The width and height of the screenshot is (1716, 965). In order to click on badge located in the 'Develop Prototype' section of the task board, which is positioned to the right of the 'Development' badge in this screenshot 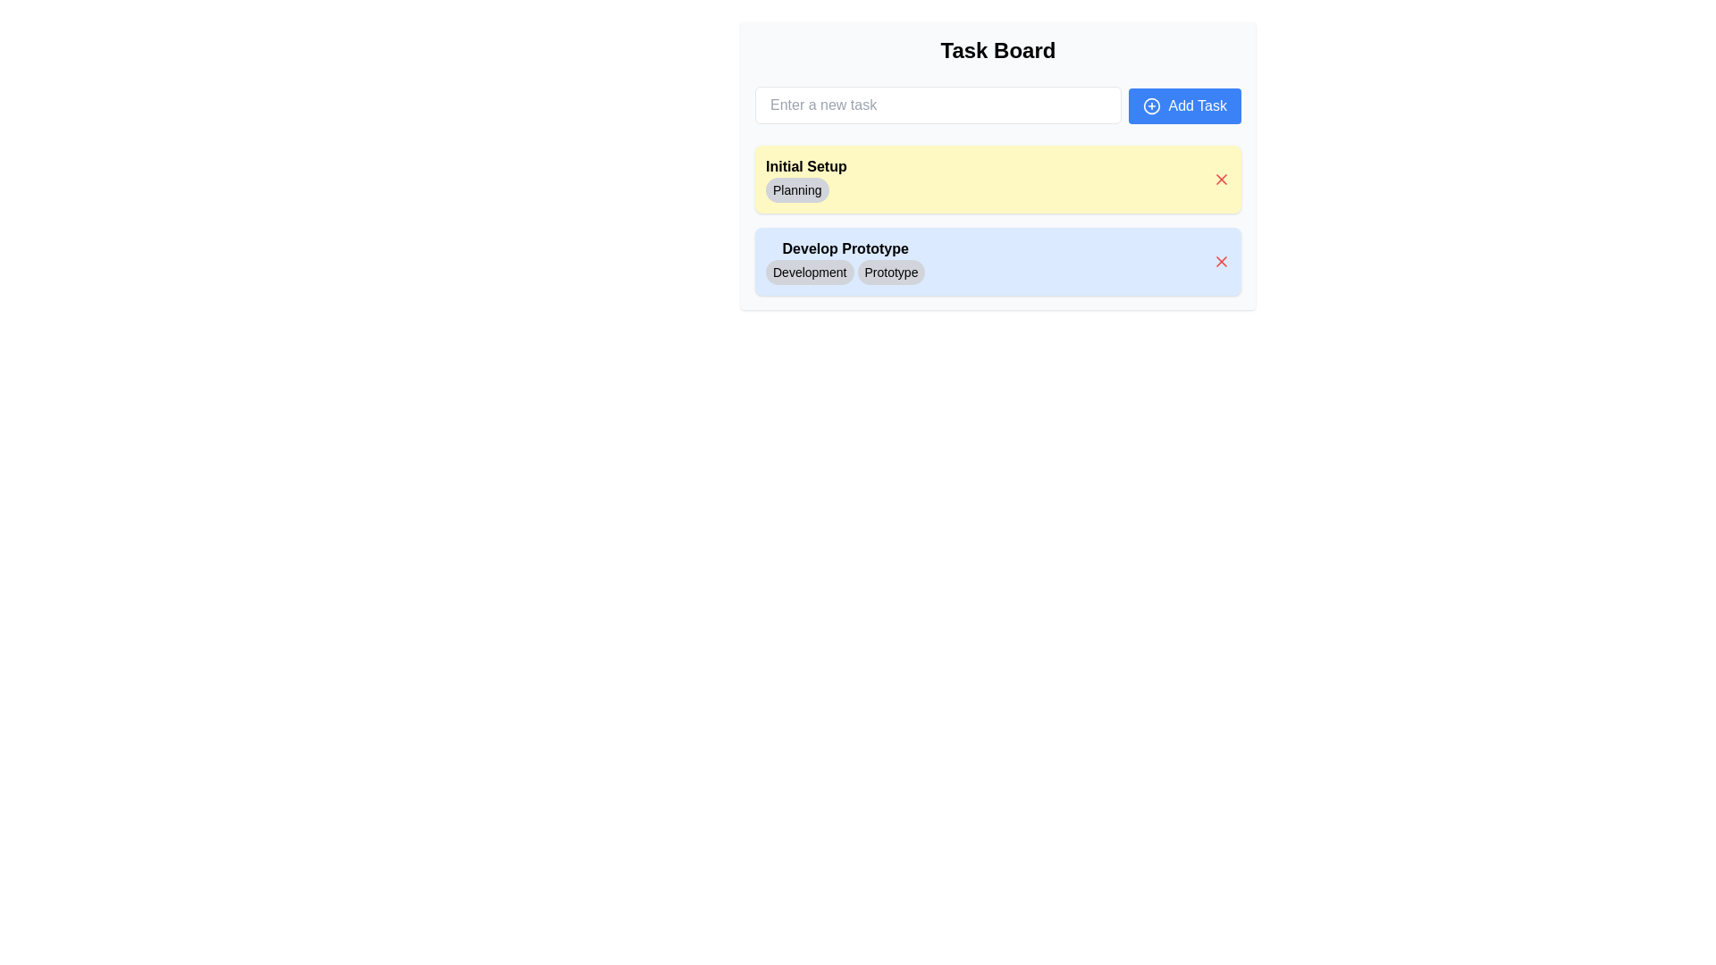, I will do `click(891, 272)`.